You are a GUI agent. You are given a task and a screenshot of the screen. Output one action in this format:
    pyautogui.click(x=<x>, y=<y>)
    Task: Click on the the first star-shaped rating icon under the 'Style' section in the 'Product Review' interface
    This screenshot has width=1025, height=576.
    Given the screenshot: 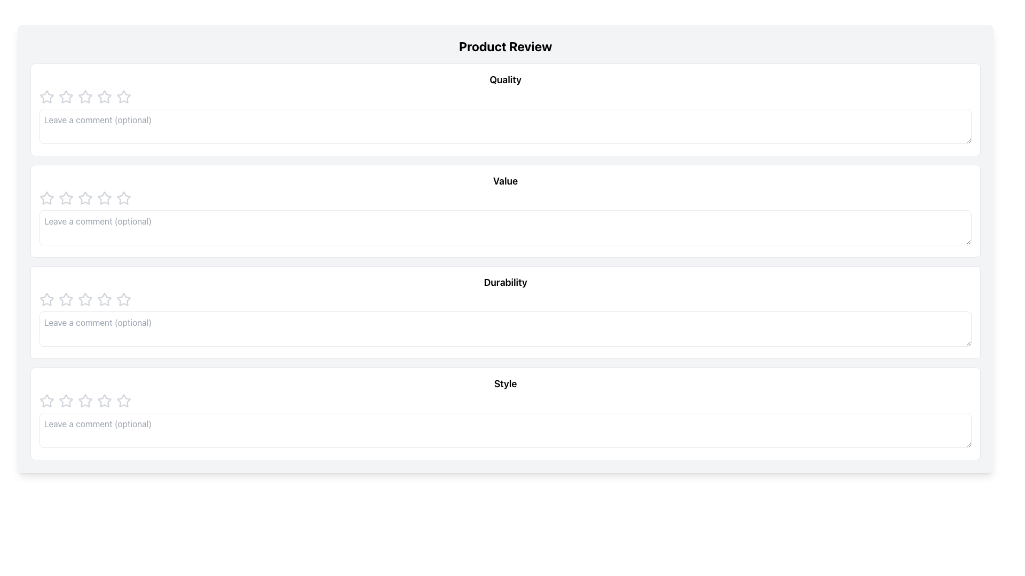 What is the action you would take?
    pyautogui.click(x=105, y=401)
    